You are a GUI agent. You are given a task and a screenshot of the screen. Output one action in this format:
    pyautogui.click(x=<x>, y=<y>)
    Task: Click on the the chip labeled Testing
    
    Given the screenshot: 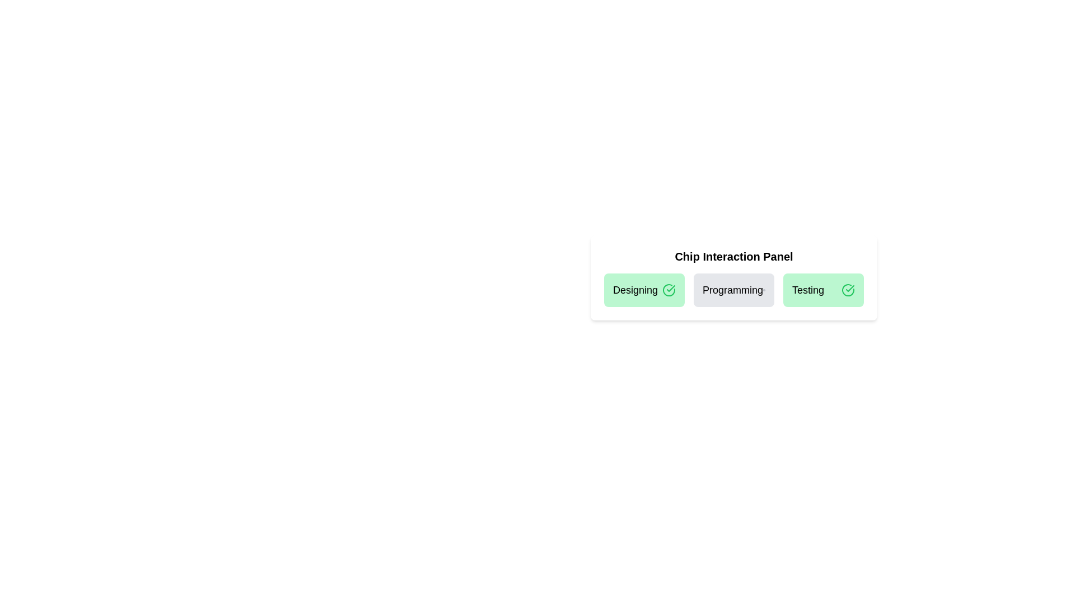 What is the action you would take?
    pyautogui.click(x=823, y=290)
    